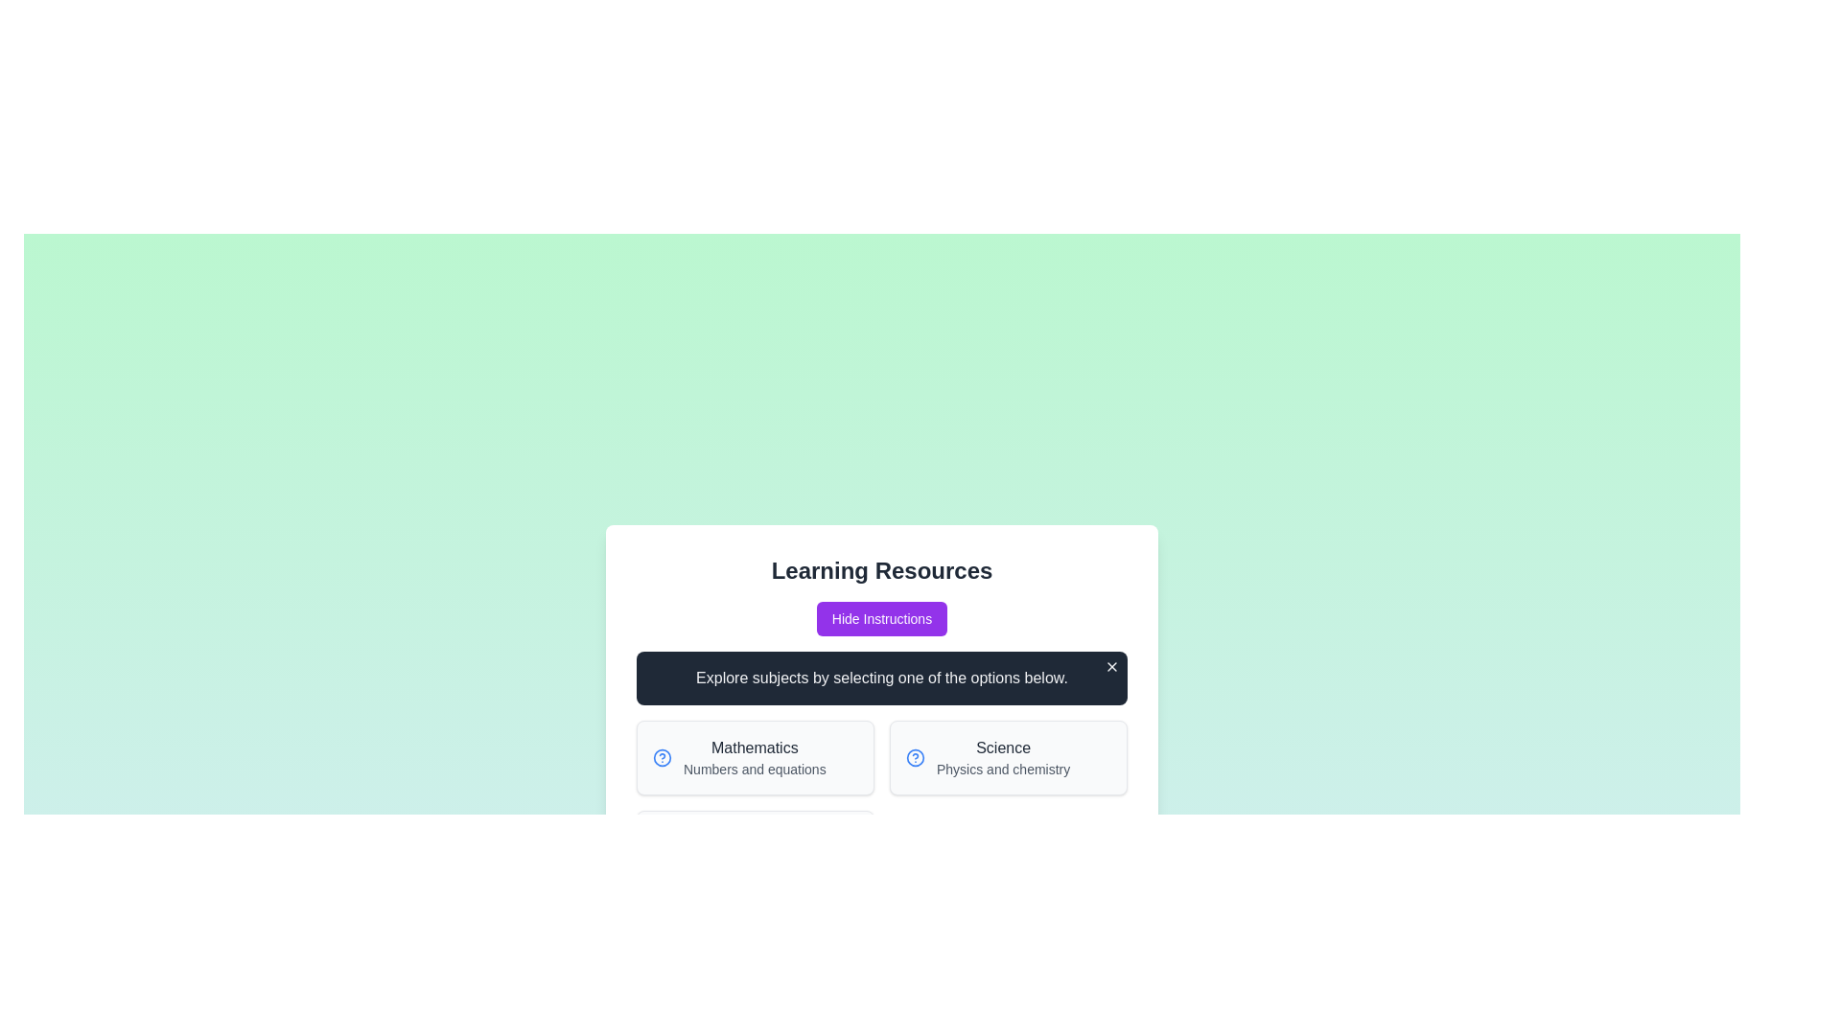 This screenshot has height=1035, width=1841. Describe the element at coordinates (1002, 768) in the screenshot. I see `the descriptive text element located below the 'Science' category in the bottom-right section of the main area containing learning resources` at that location.